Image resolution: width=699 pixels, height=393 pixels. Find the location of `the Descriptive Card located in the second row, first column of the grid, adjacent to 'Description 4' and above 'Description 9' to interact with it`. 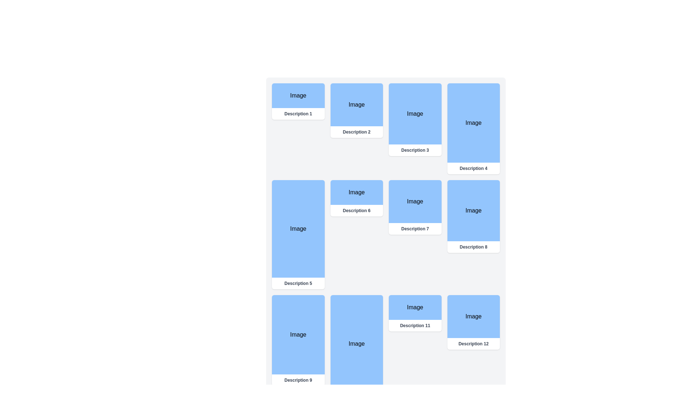

the Descriptive Card located in the second row, first column of the grid, adjacent to 'Description 4' and above 'Description 9' to interact with it is located at coordinates (298, 234).